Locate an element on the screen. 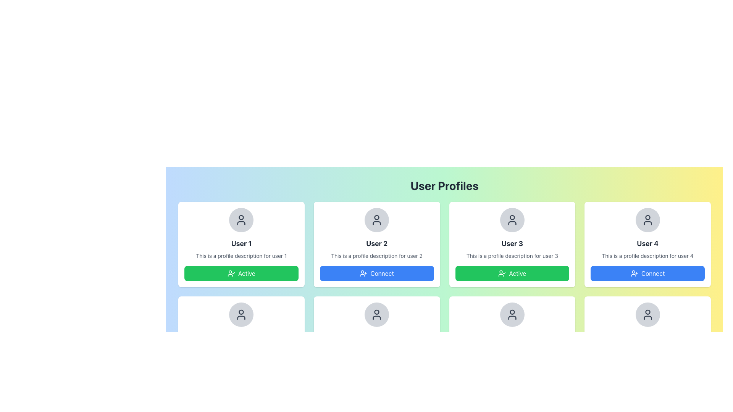 Image resolution: width=733 pixels, height=412 pixels. the bold-text title 'User 2' in the second profile card, which is centrally aligned and positioned between the profile icon and description is located at coordinates (377, 244).